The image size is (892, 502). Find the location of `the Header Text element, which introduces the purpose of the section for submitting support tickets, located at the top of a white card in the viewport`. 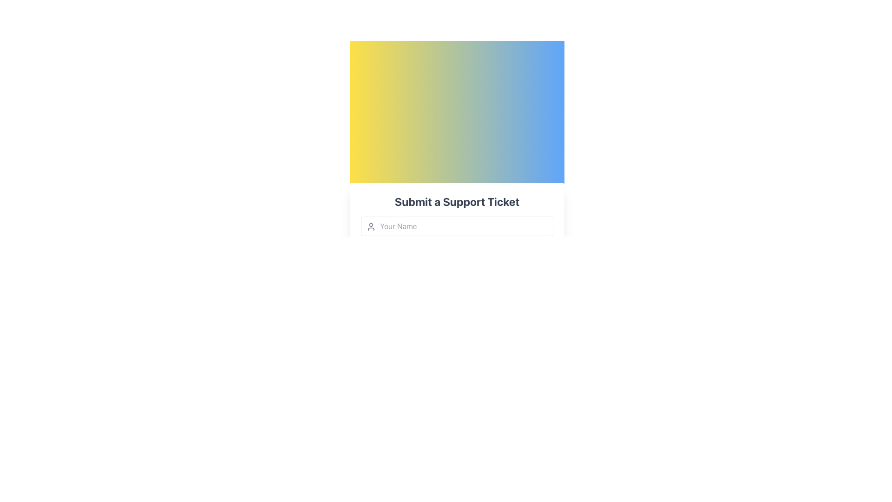

the Header Text element, which introduces the purpose of the section for submitting support tickets, located at the top of a white card in the viewport is located at coordinates (457, 201).